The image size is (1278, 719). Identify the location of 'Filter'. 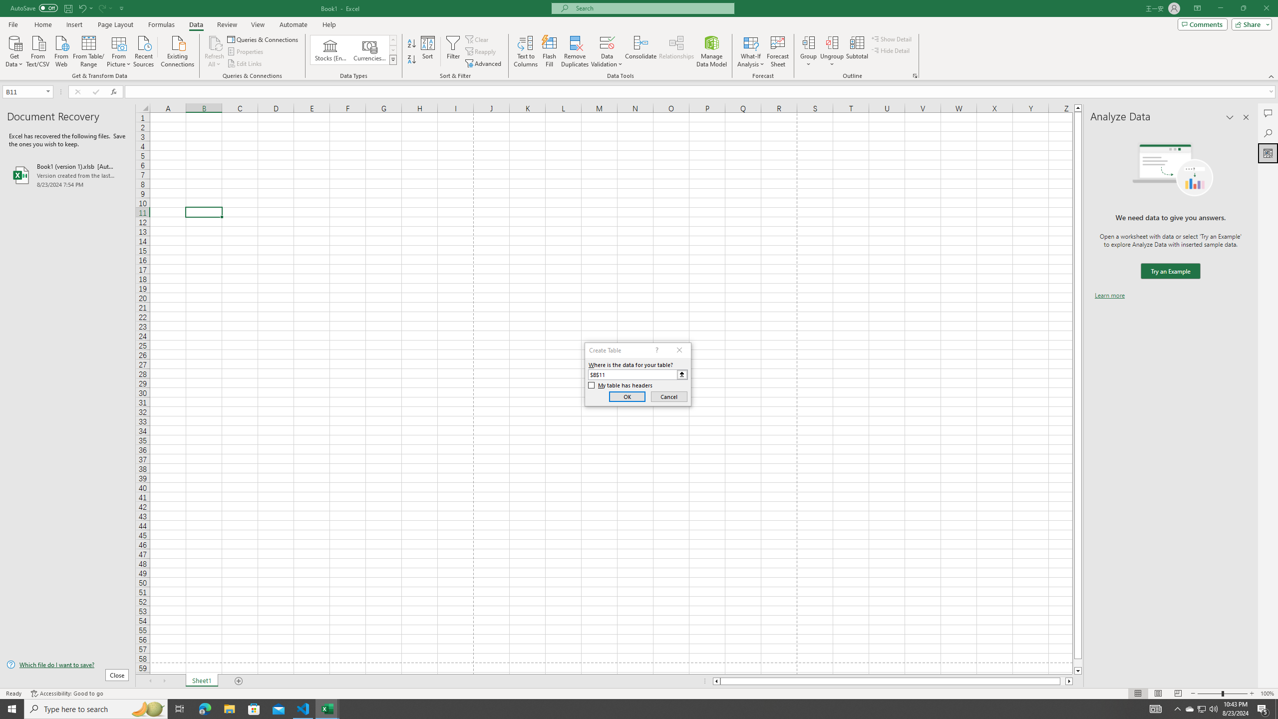
(452, 51).